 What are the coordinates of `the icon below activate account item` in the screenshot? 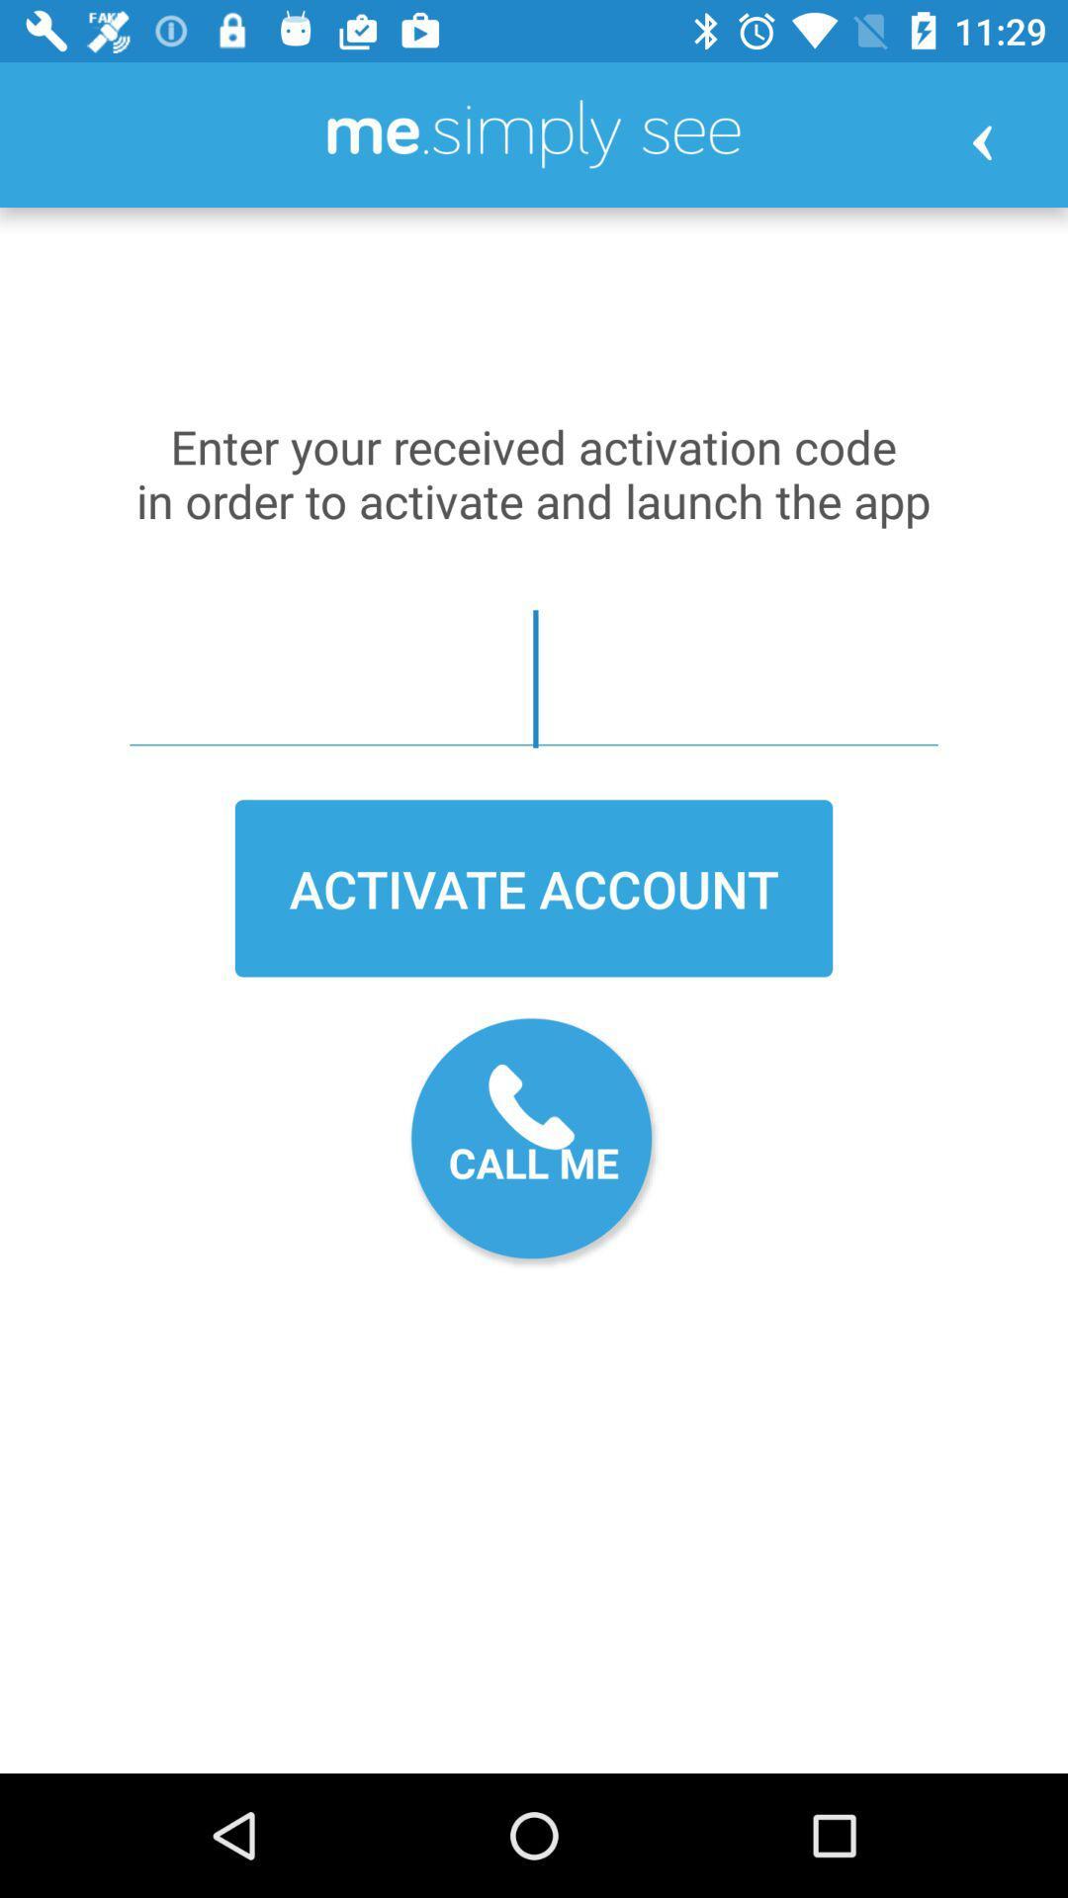 It's located at (534, 1143).